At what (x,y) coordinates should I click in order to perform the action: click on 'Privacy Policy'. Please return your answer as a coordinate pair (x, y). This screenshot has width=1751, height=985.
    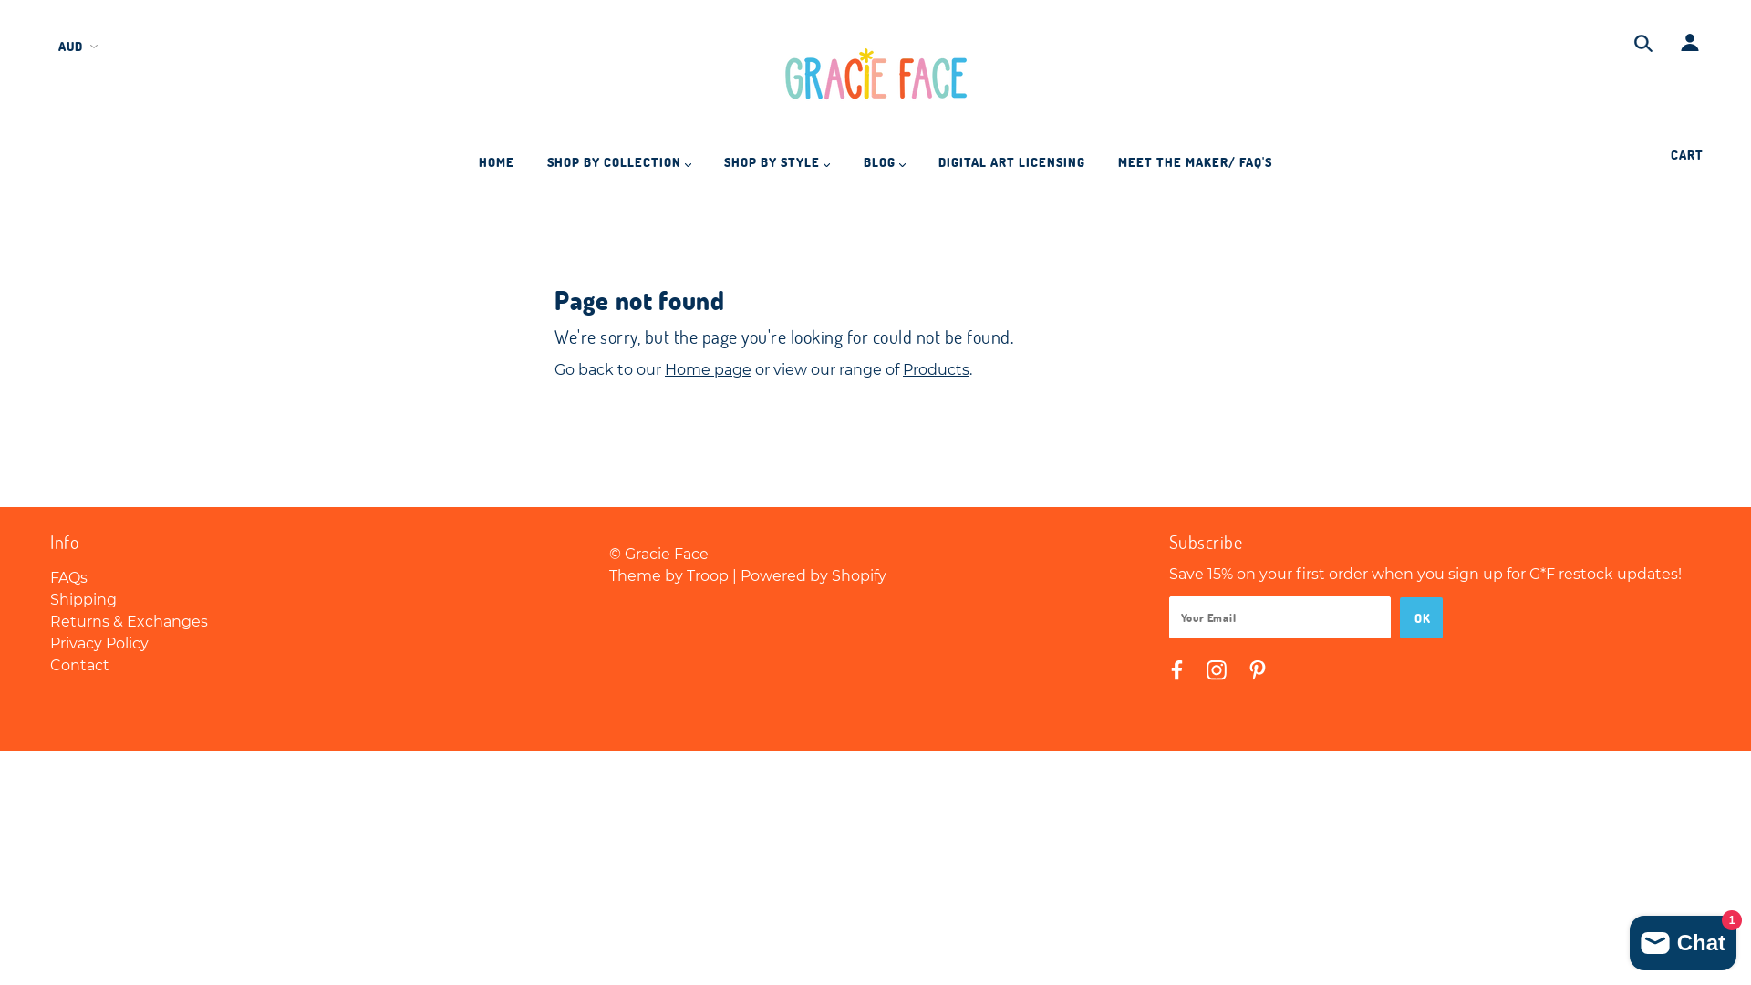
    Looking at the image, I should click on (98, 642).